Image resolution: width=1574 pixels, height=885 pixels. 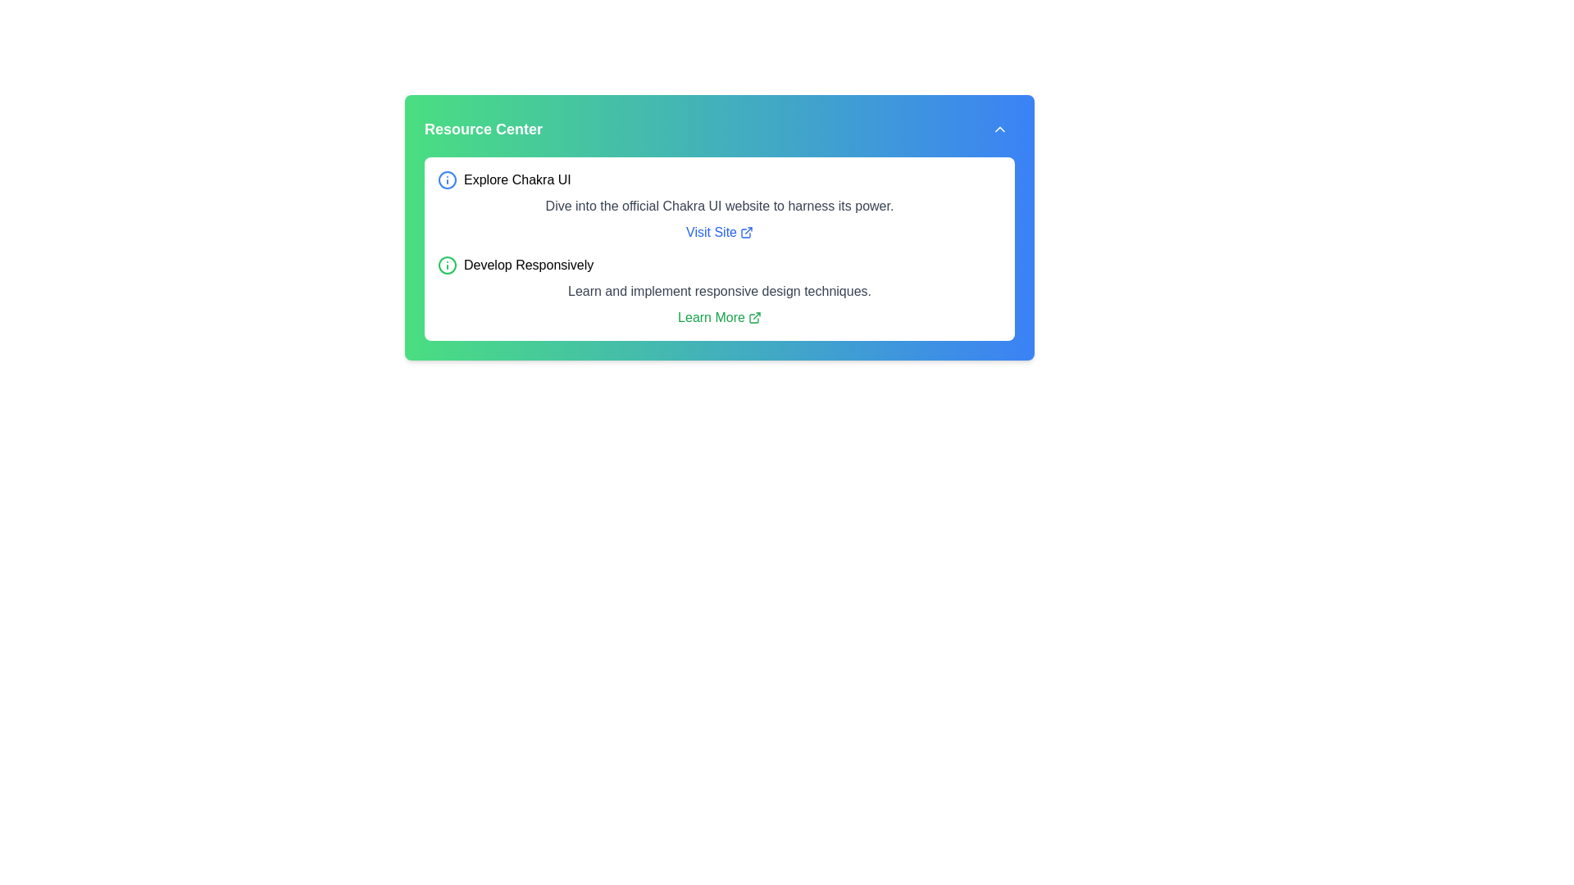 I want to click on the static text label displaying 'Develop Responsively', which is located under the 'Explore Chakra UI' section in the 'Resource Center' interface, so click(x=529, y=265).